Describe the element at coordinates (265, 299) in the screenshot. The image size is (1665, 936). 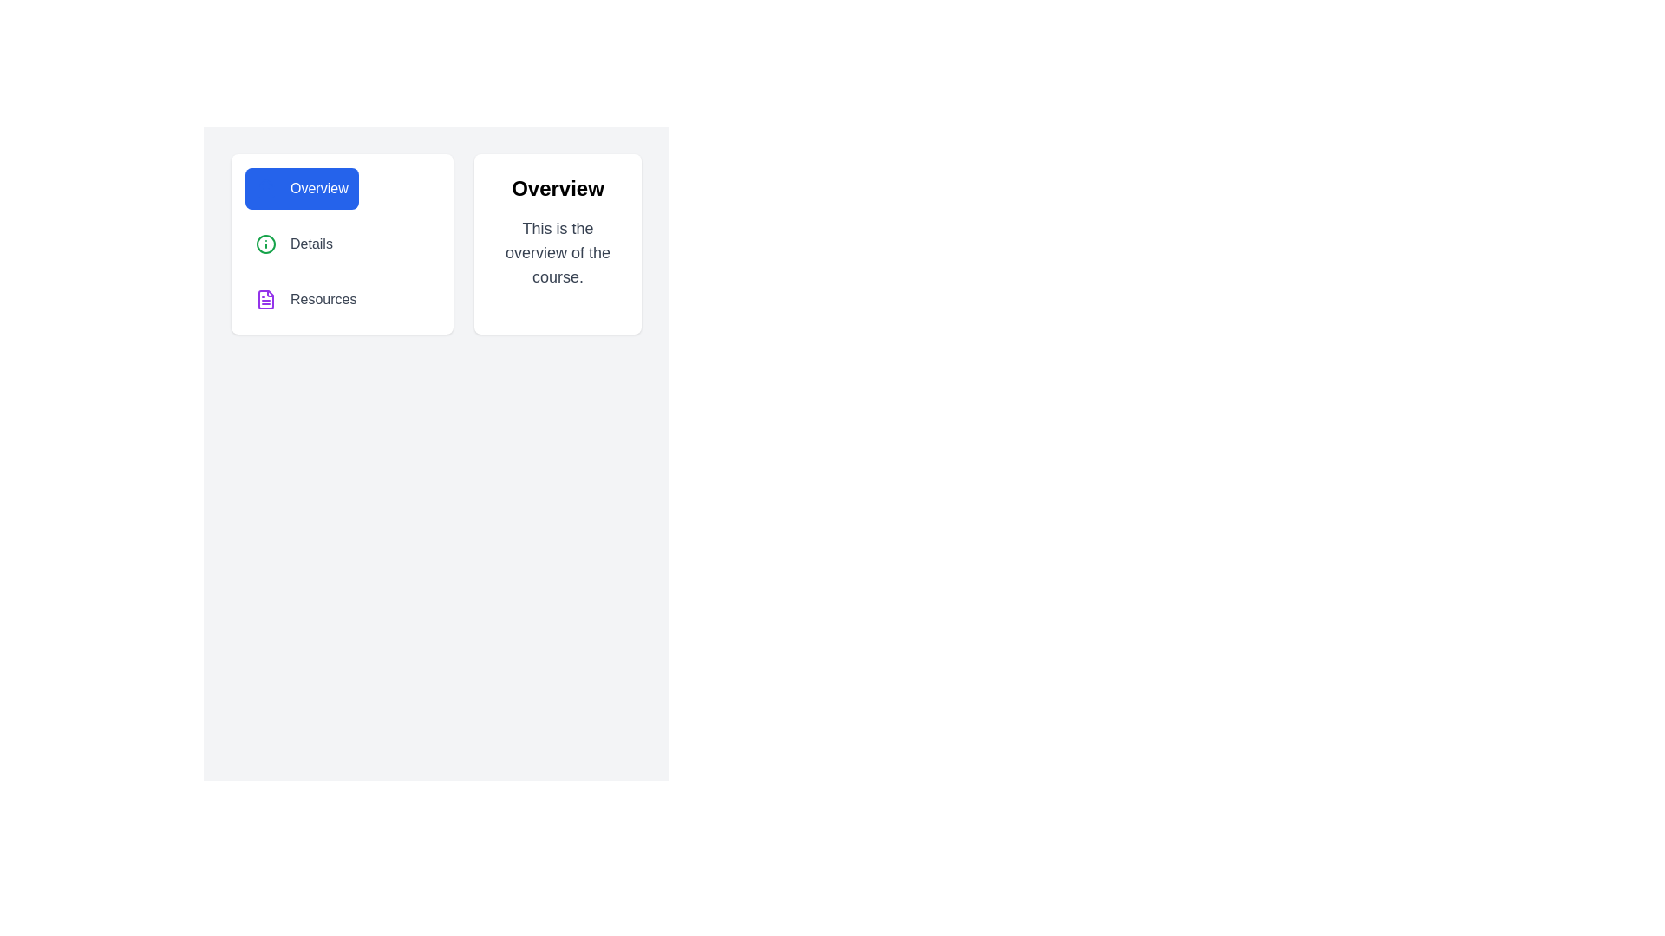
I see `the purple document icon with a text annotation located next to the 'Resources' label` at that location.